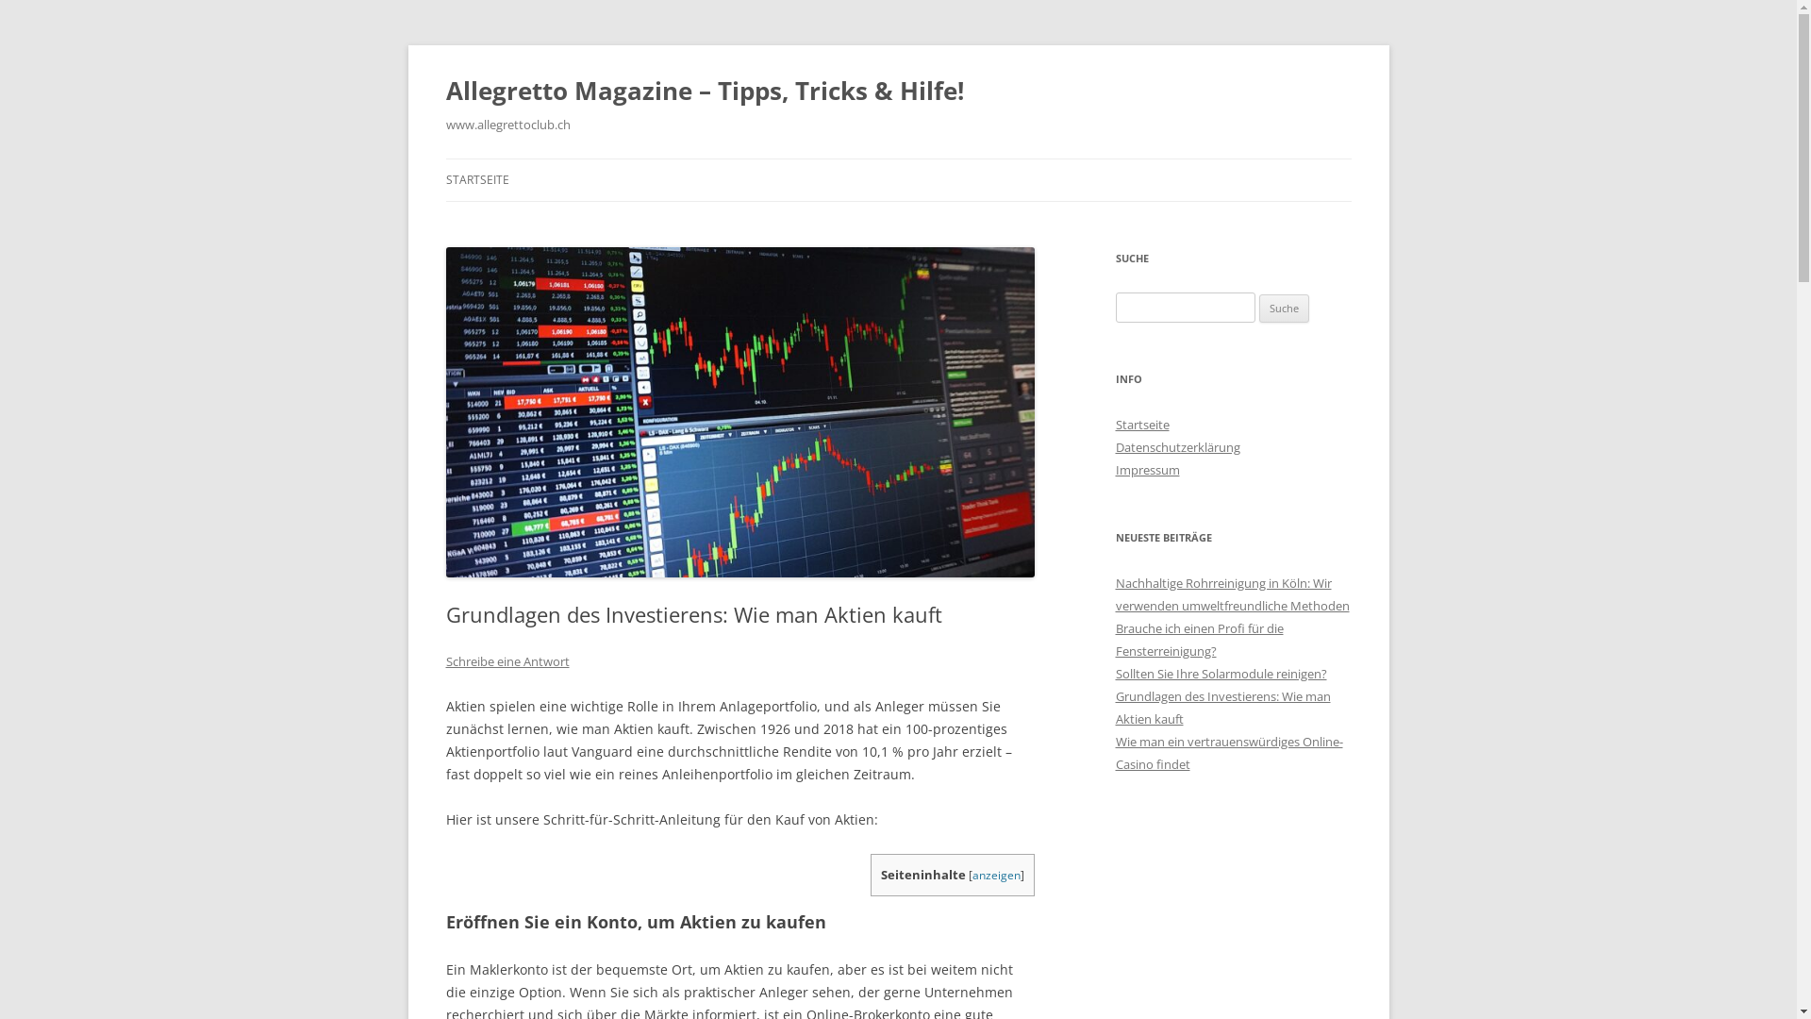 The height and width of the screenshot is (1019, 1811). Describe the element at coordinates (995, 875) in the screenshot. I see `'anzeigen'` at that location.